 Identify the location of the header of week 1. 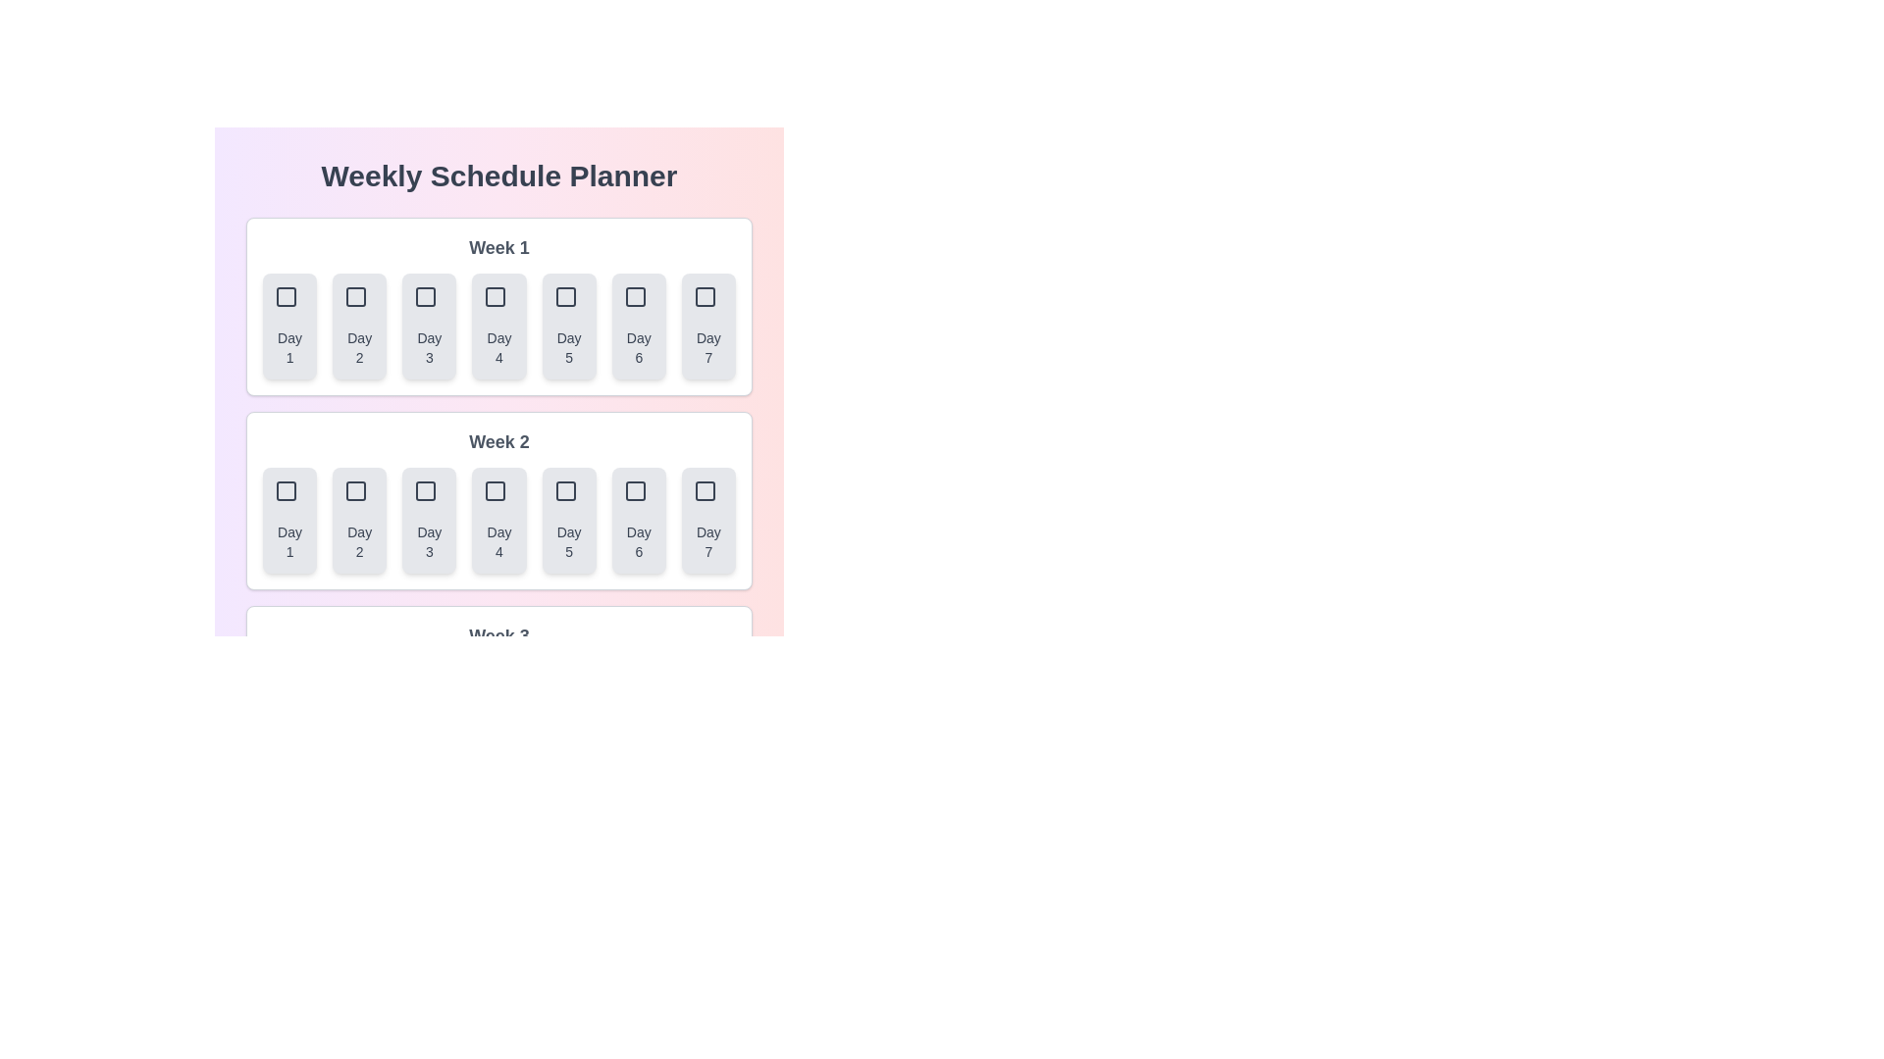
(498, 247).